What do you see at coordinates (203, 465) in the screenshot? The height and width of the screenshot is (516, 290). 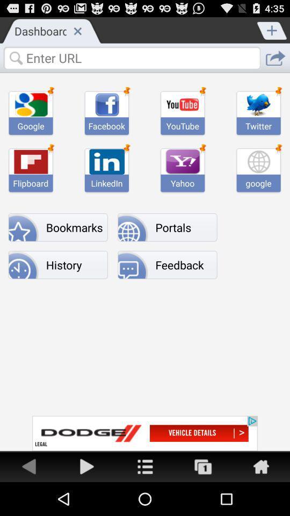 I see `copy the info` at bounding box center [203, 465].